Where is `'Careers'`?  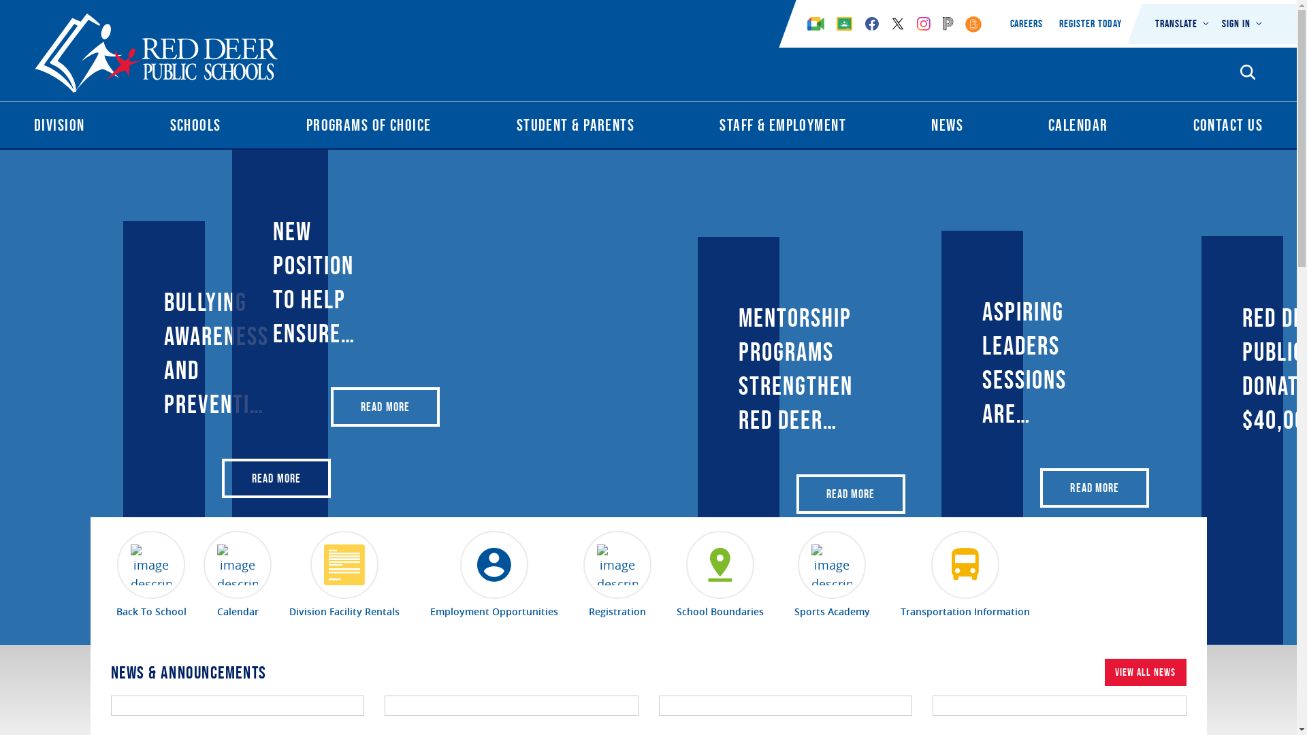 'Careers' is located at coordinates (1010, 23).